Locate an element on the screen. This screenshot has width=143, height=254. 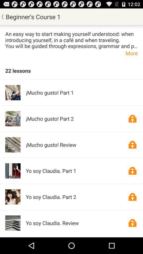
unlock is located at coordinates (132, 119).